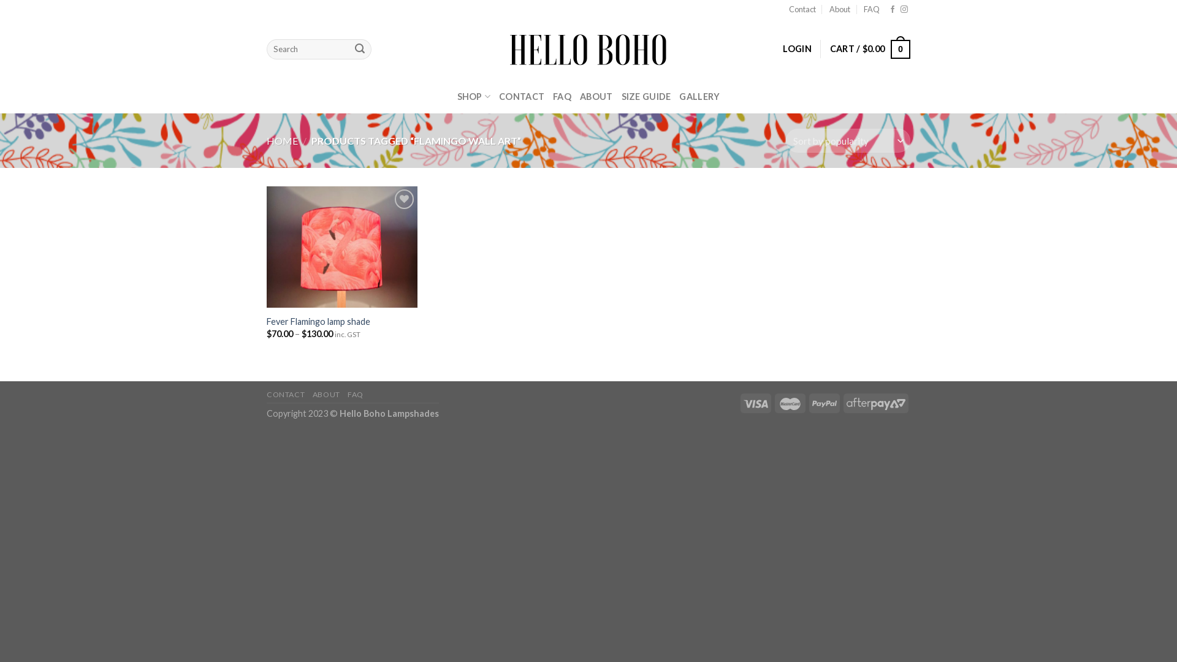  What do you see at coordinates (281, 140) in the screenshot?
I see `'HOME'` at bounding box center [281, 140].